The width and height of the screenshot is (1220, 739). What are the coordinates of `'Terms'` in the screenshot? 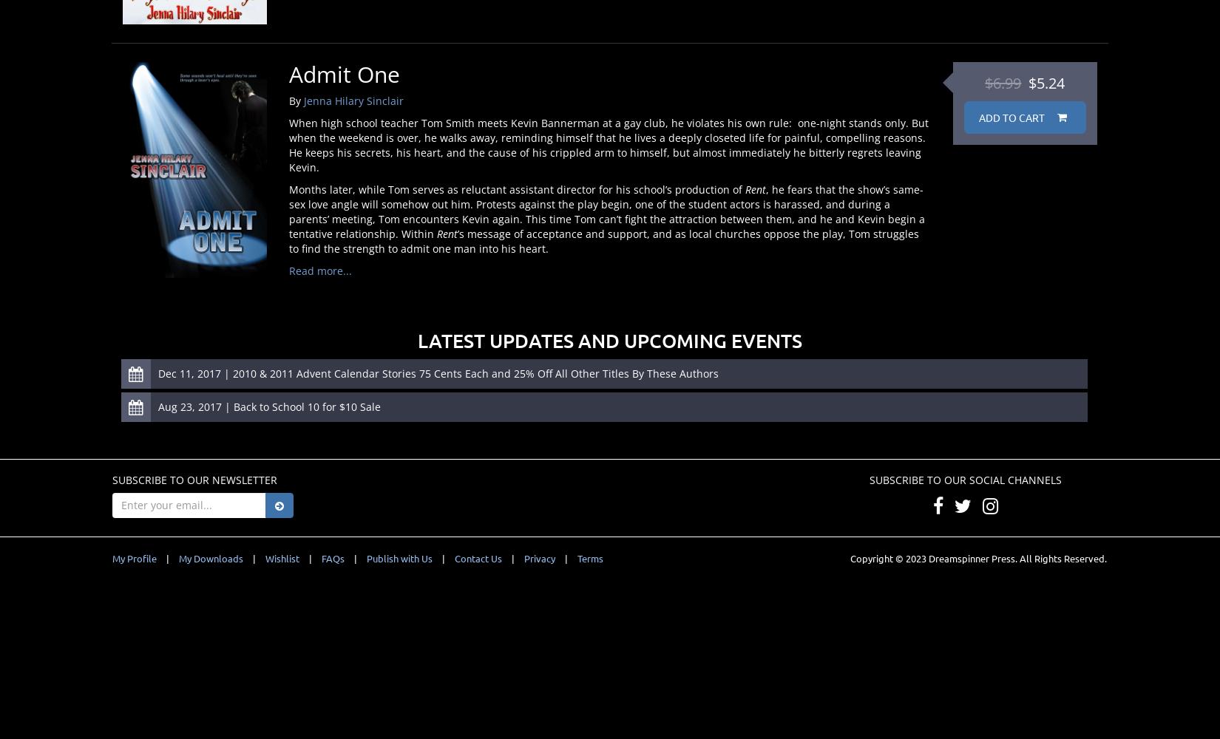 It's located at (589, 557).